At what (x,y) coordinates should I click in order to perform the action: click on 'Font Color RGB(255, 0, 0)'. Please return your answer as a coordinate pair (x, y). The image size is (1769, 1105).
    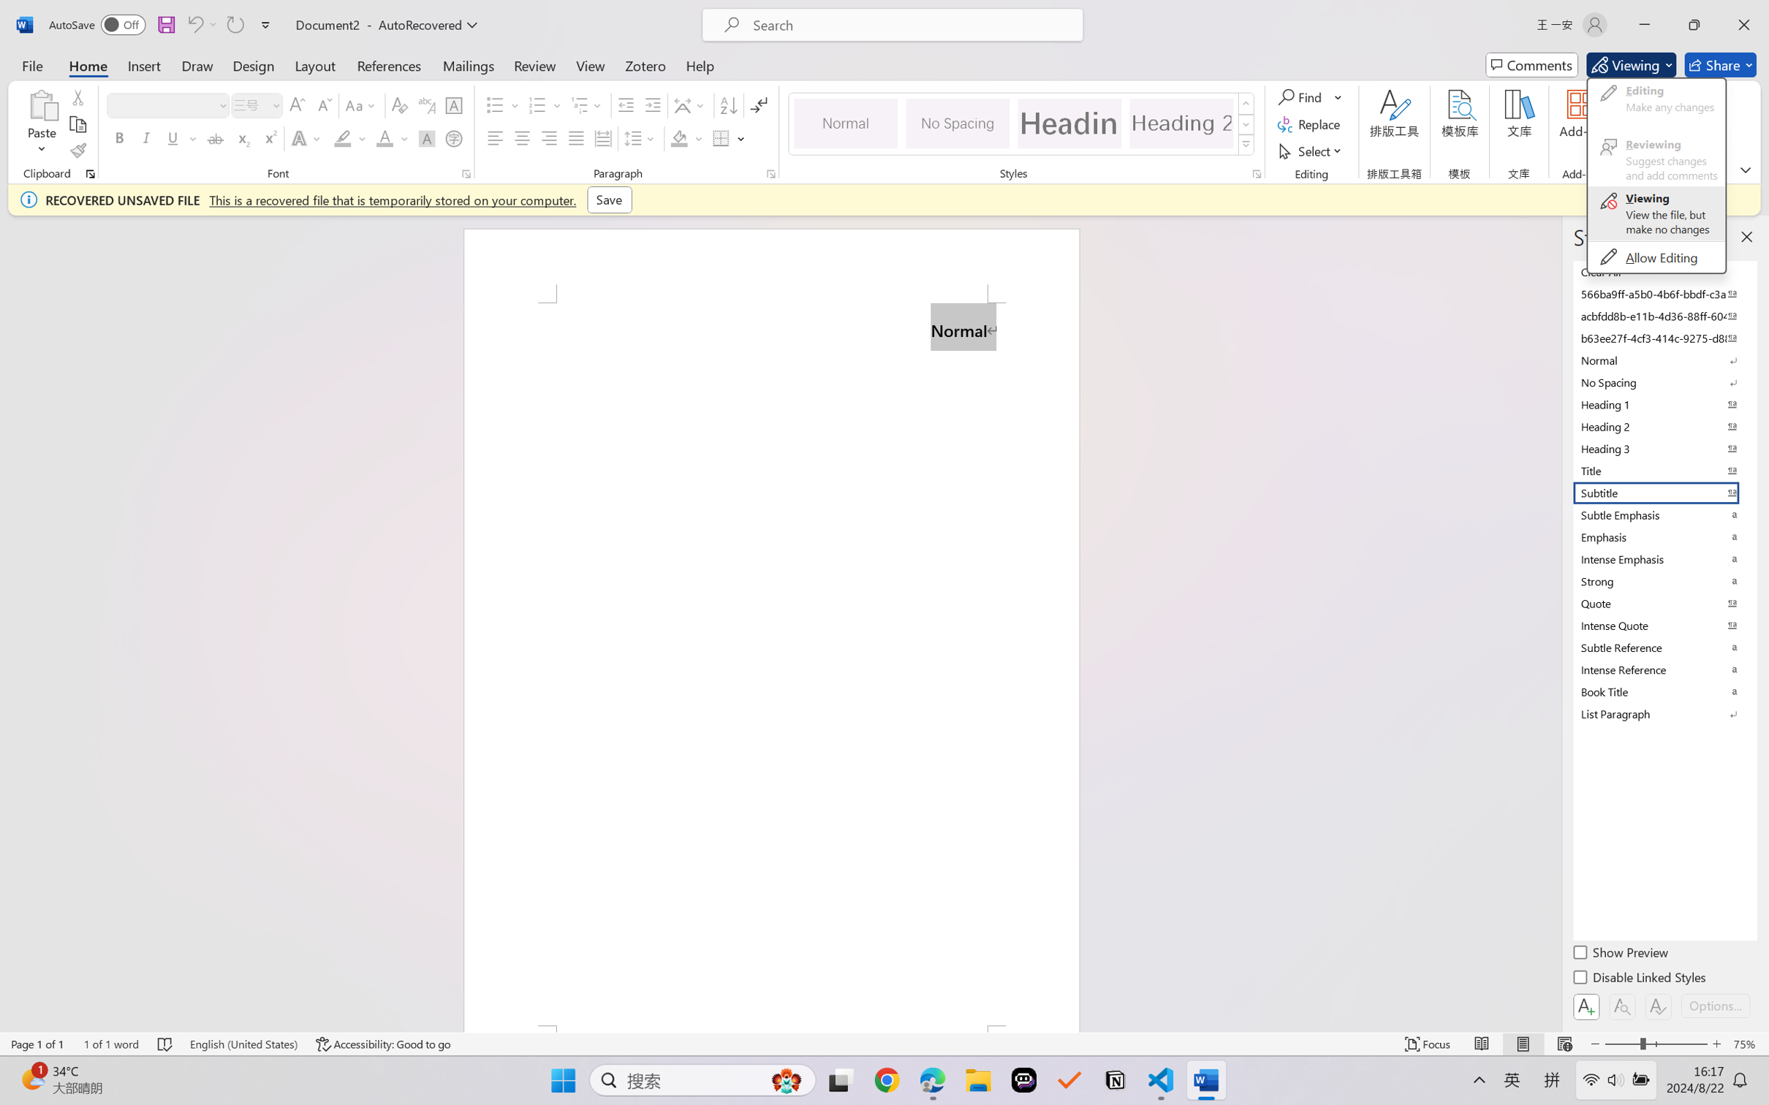
    Looking at the image, I should click on (385, 137).